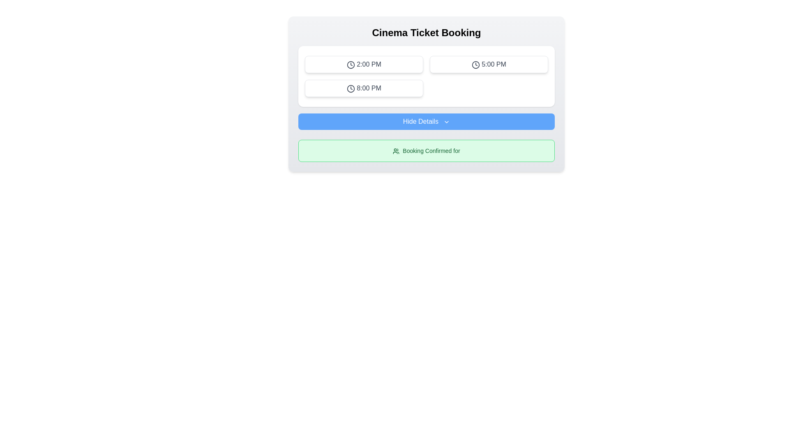 The width and height of the screenshot is (789, 444). I want to click on the selection button for '8:00 PM', which is the third button below the buttons labeled '2:00 PM' and '5:00 PM', so click(364, 88).